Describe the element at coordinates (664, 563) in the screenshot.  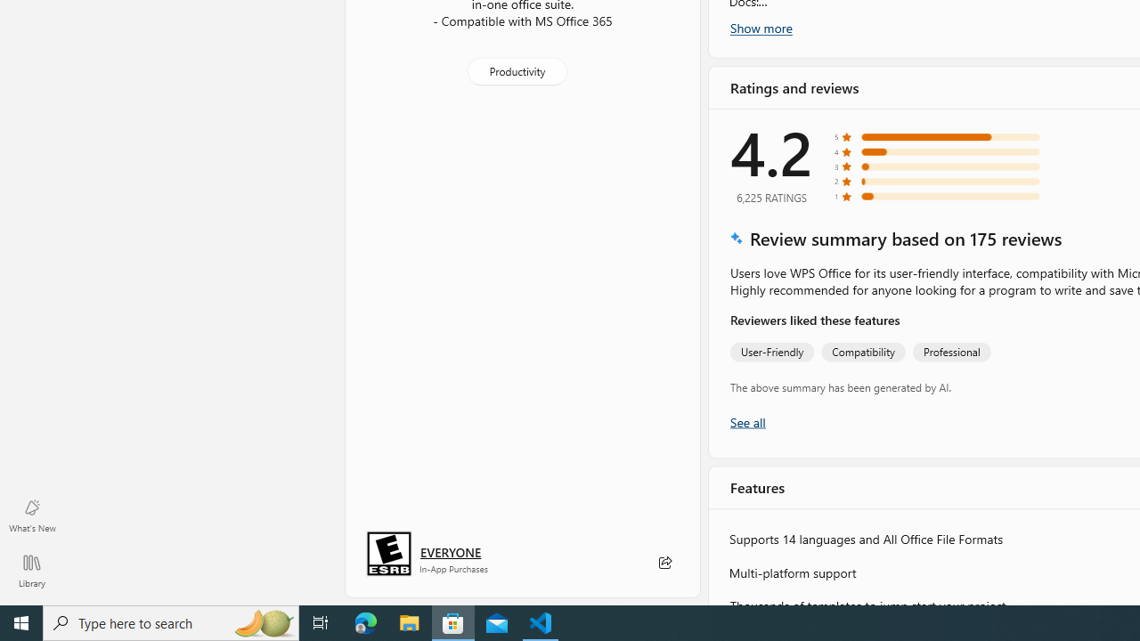
I see `'Share'` at that location.